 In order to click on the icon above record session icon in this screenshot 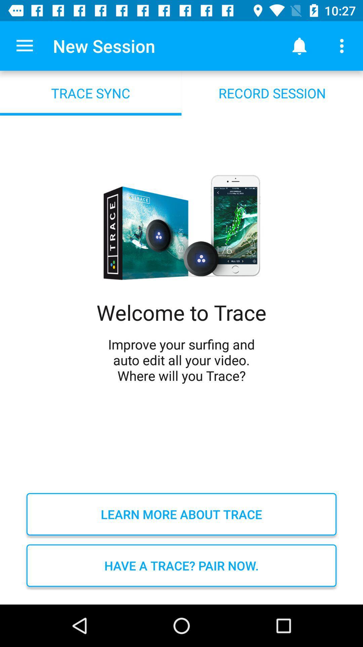, I will do `click(299, 45)`.